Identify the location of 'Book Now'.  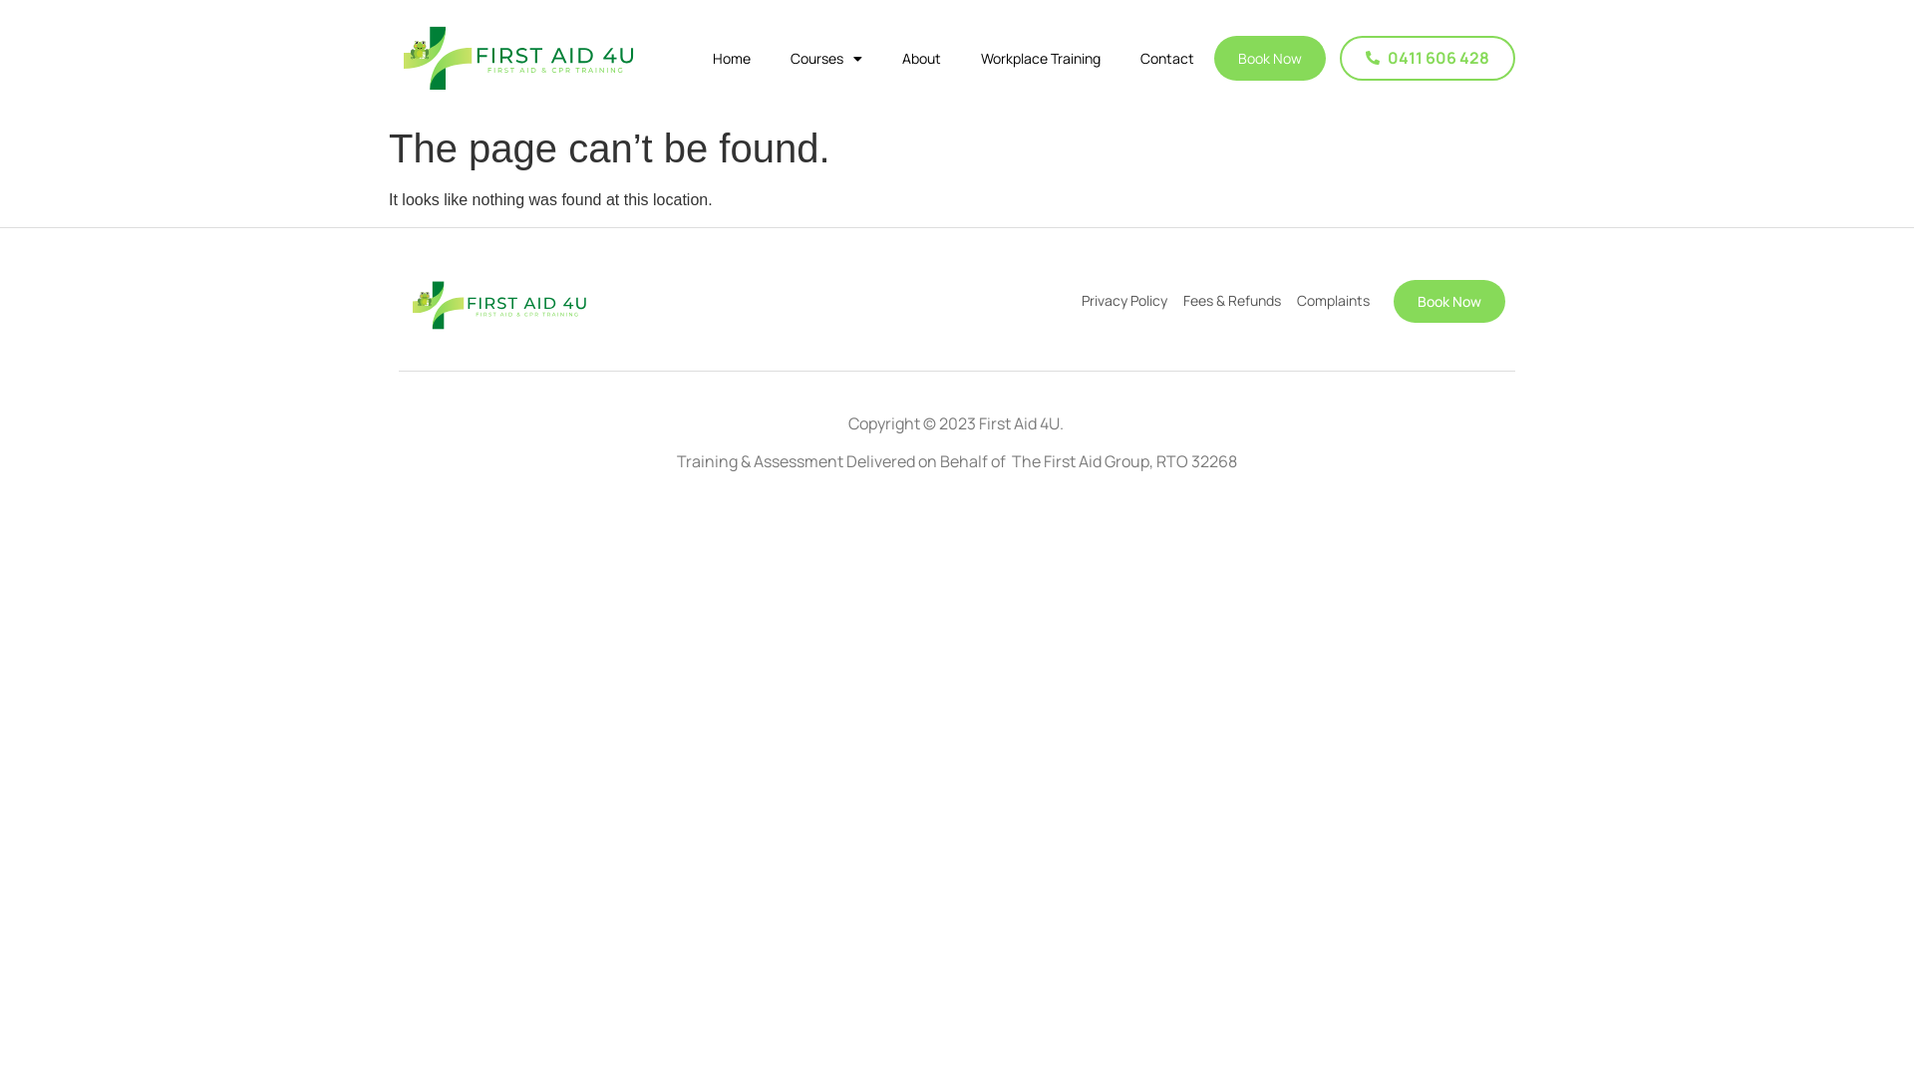
(1268, 57).